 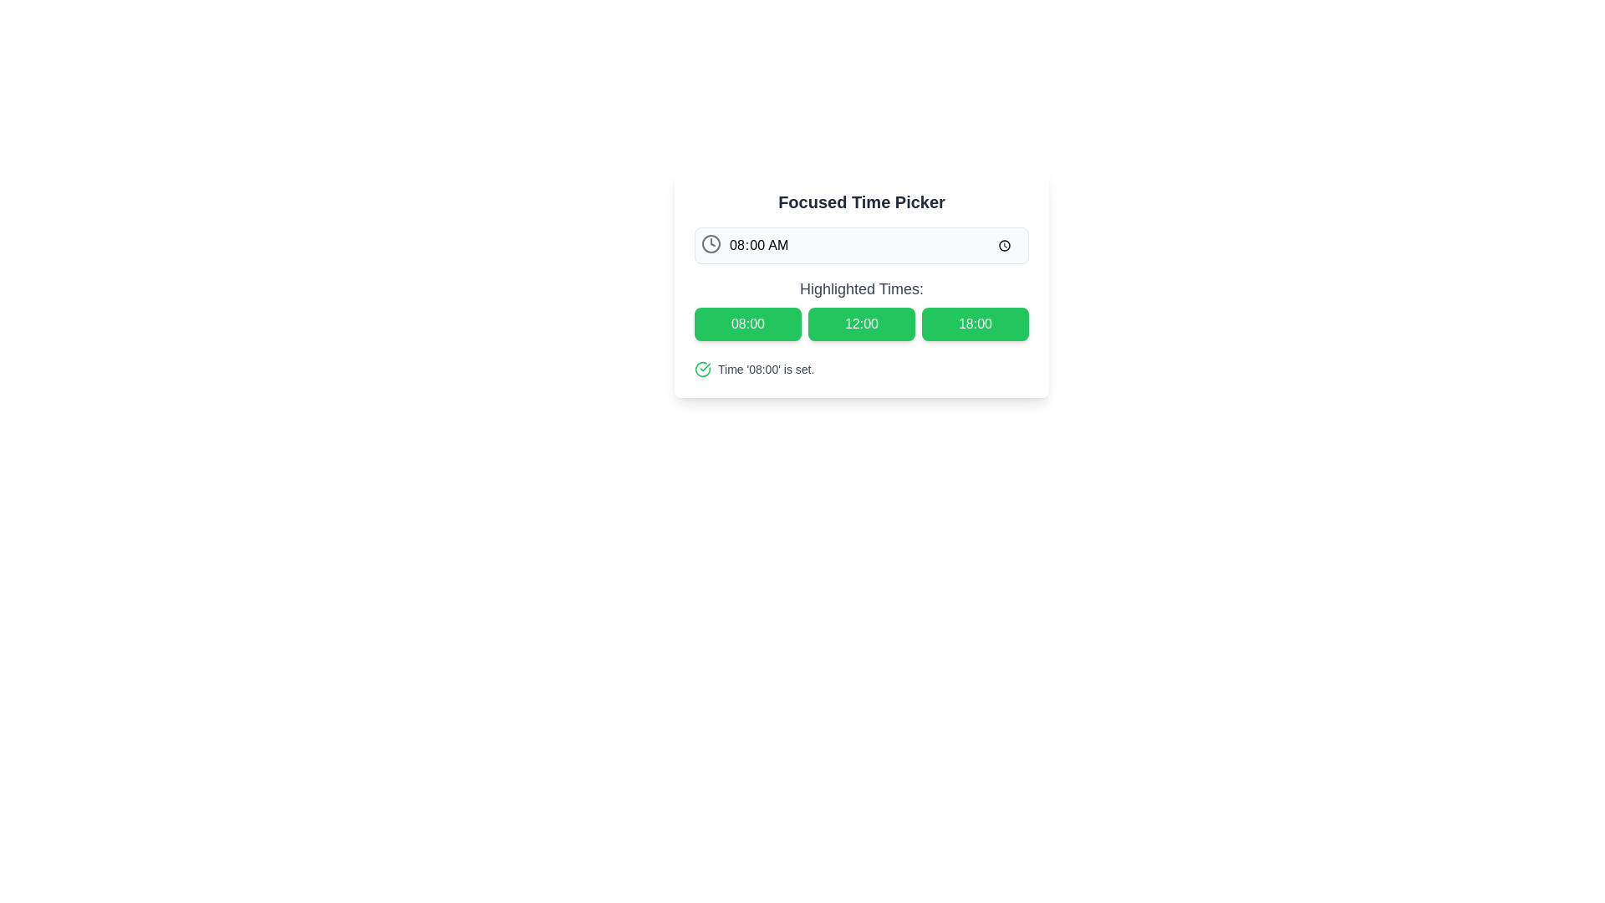 What do you see at coordinates (711, 244) in the screenshot?
I see `the clock-shaped icon, which is a gray, minimalist design located adjacent to the '08:00 AM' text input field` at bounding box center [711, 244].